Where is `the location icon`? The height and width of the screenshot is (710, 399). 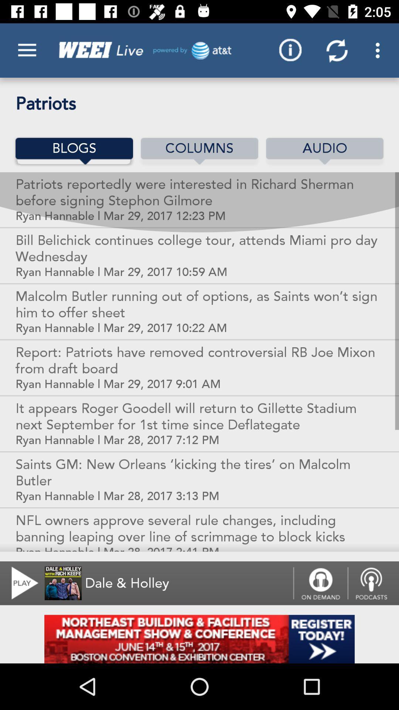 the location icon is located at coordinates (373, 583).